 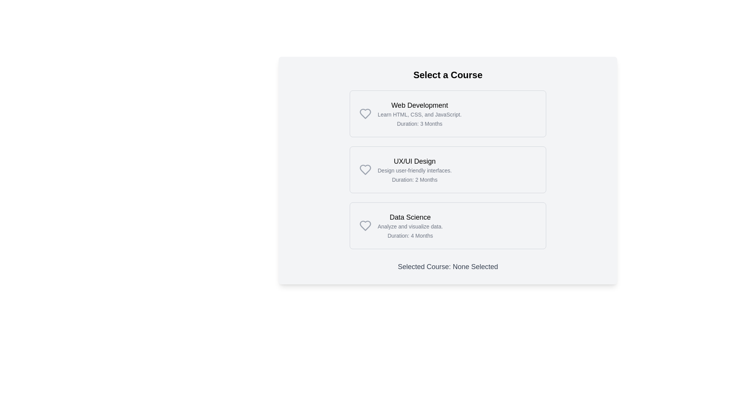 I want to click on information presented in the Text Block titled 'Web Development', which includes the subtitle 'Learn HTML, CSS, and JavaScript.' and the duration '3 Months', so click(x=419, y=114).